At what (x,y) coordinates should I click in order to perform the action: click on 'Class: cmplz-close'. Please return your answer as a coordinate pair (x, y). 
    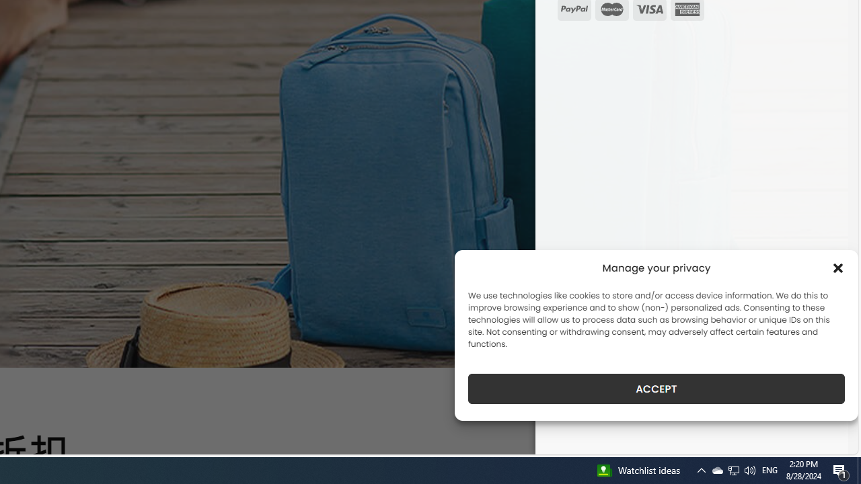
    Looking at the image, I should click on (837, 268).